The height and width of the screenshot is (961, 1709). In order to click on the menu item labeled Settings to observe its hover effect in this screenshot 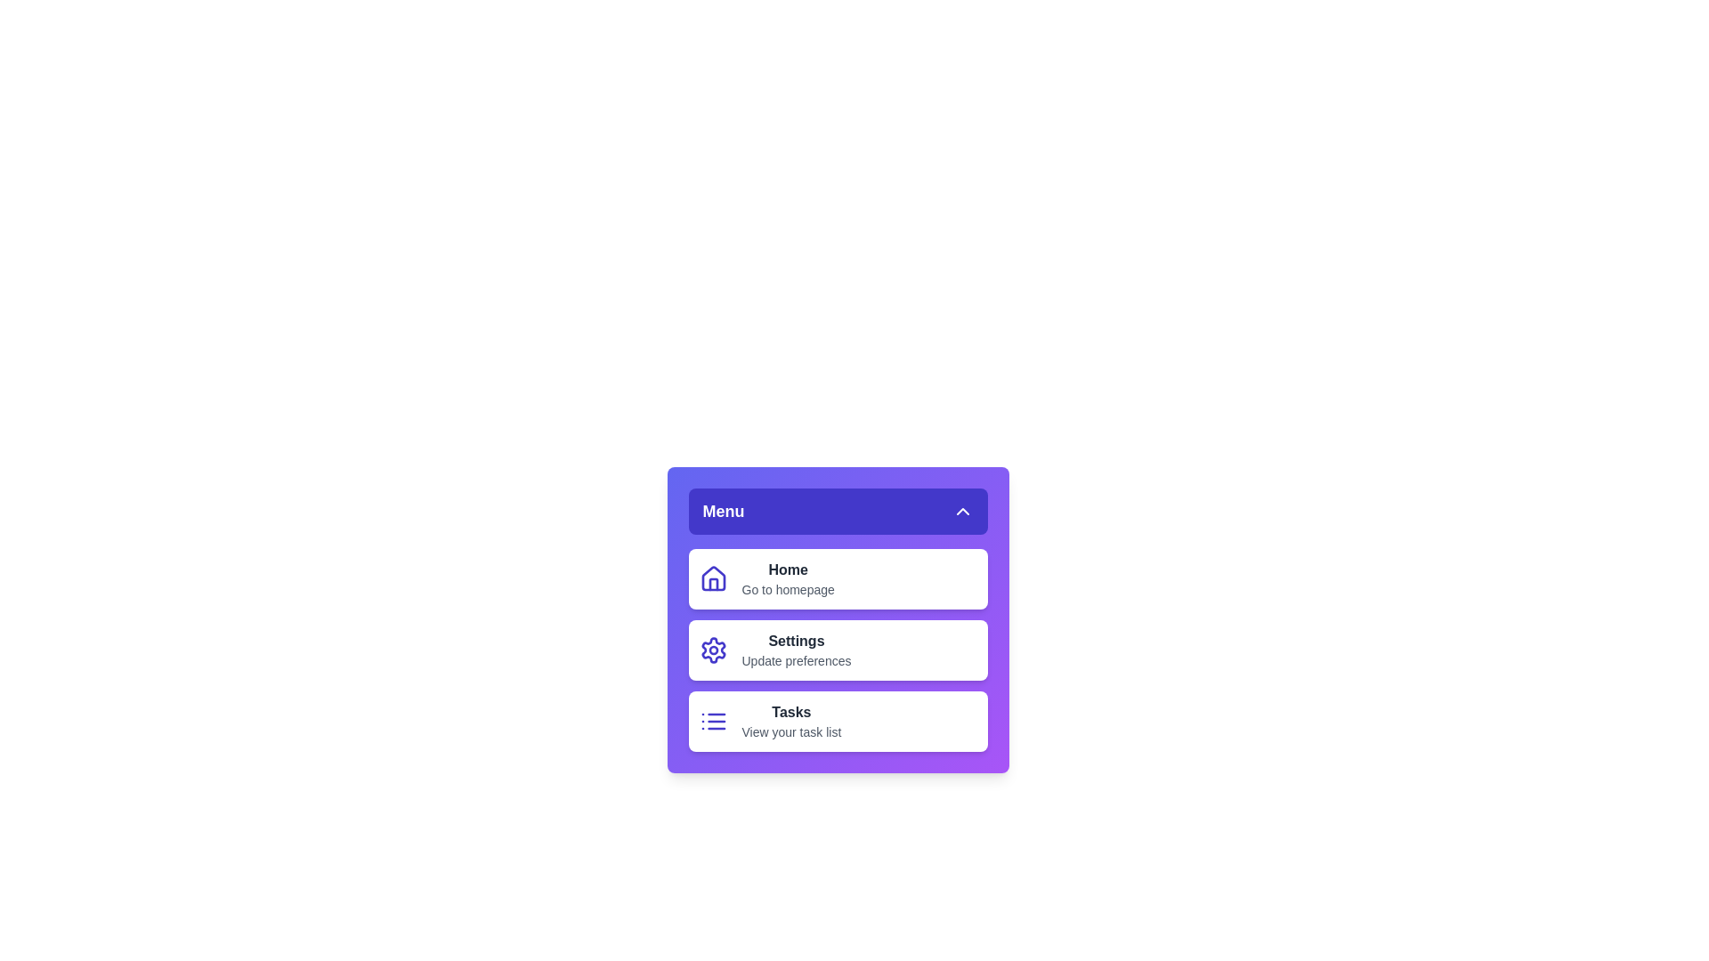, I will do `click(837, 650)`.